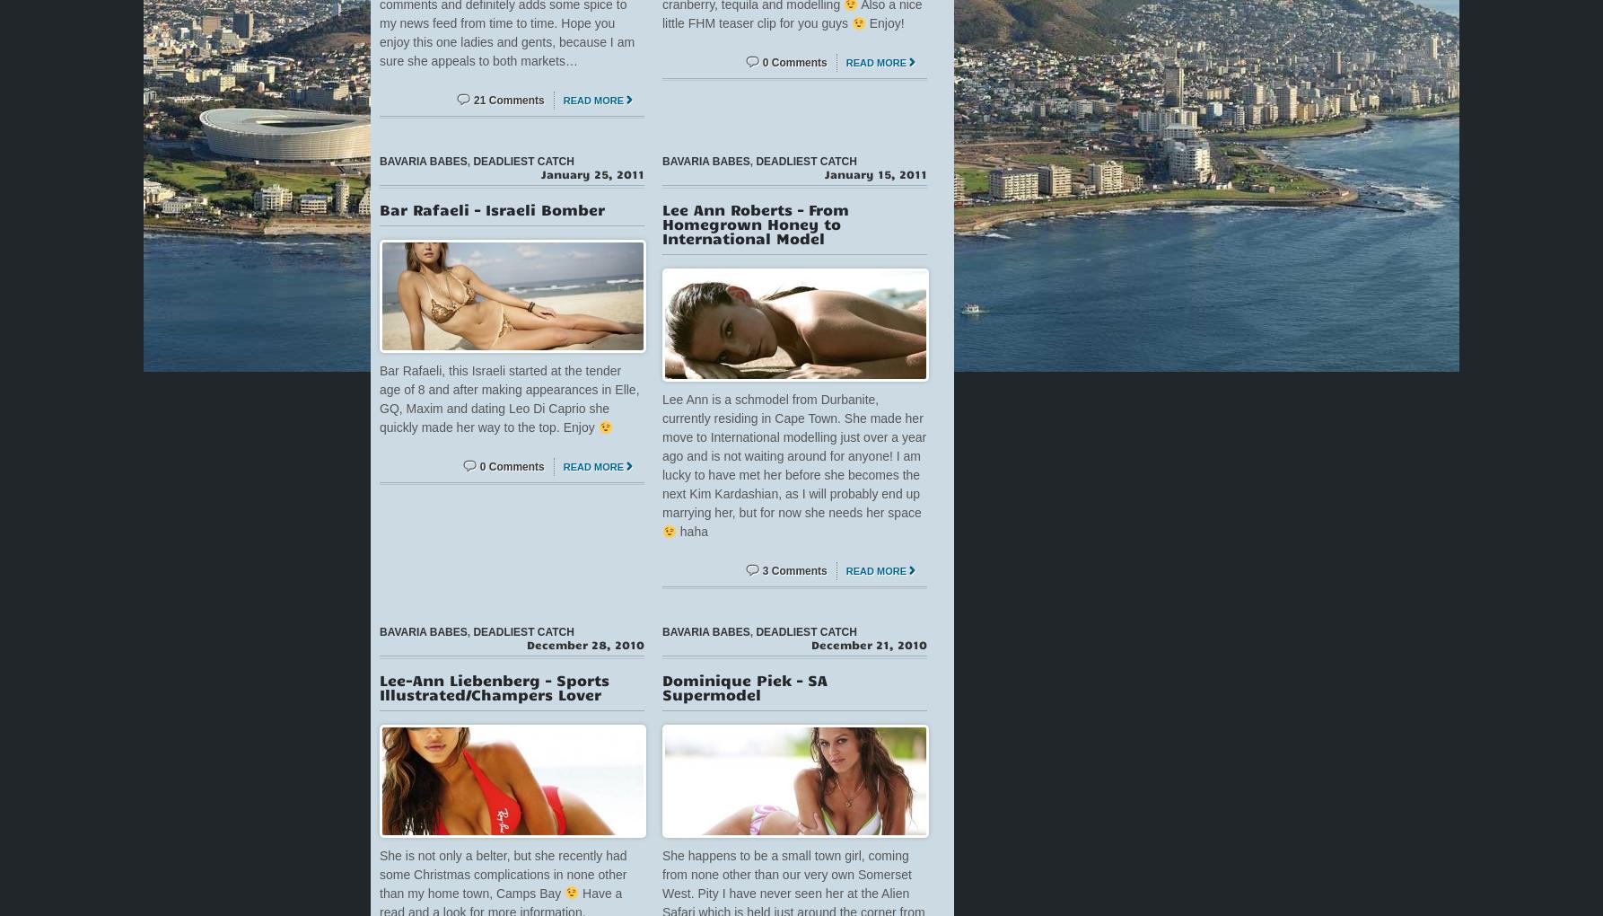 The image size is (1603, 916). Describe the element at coordinates (491, 208) in the screenshot. I see `'Bar Rafaeli – Israeli Bomber'` at that location.